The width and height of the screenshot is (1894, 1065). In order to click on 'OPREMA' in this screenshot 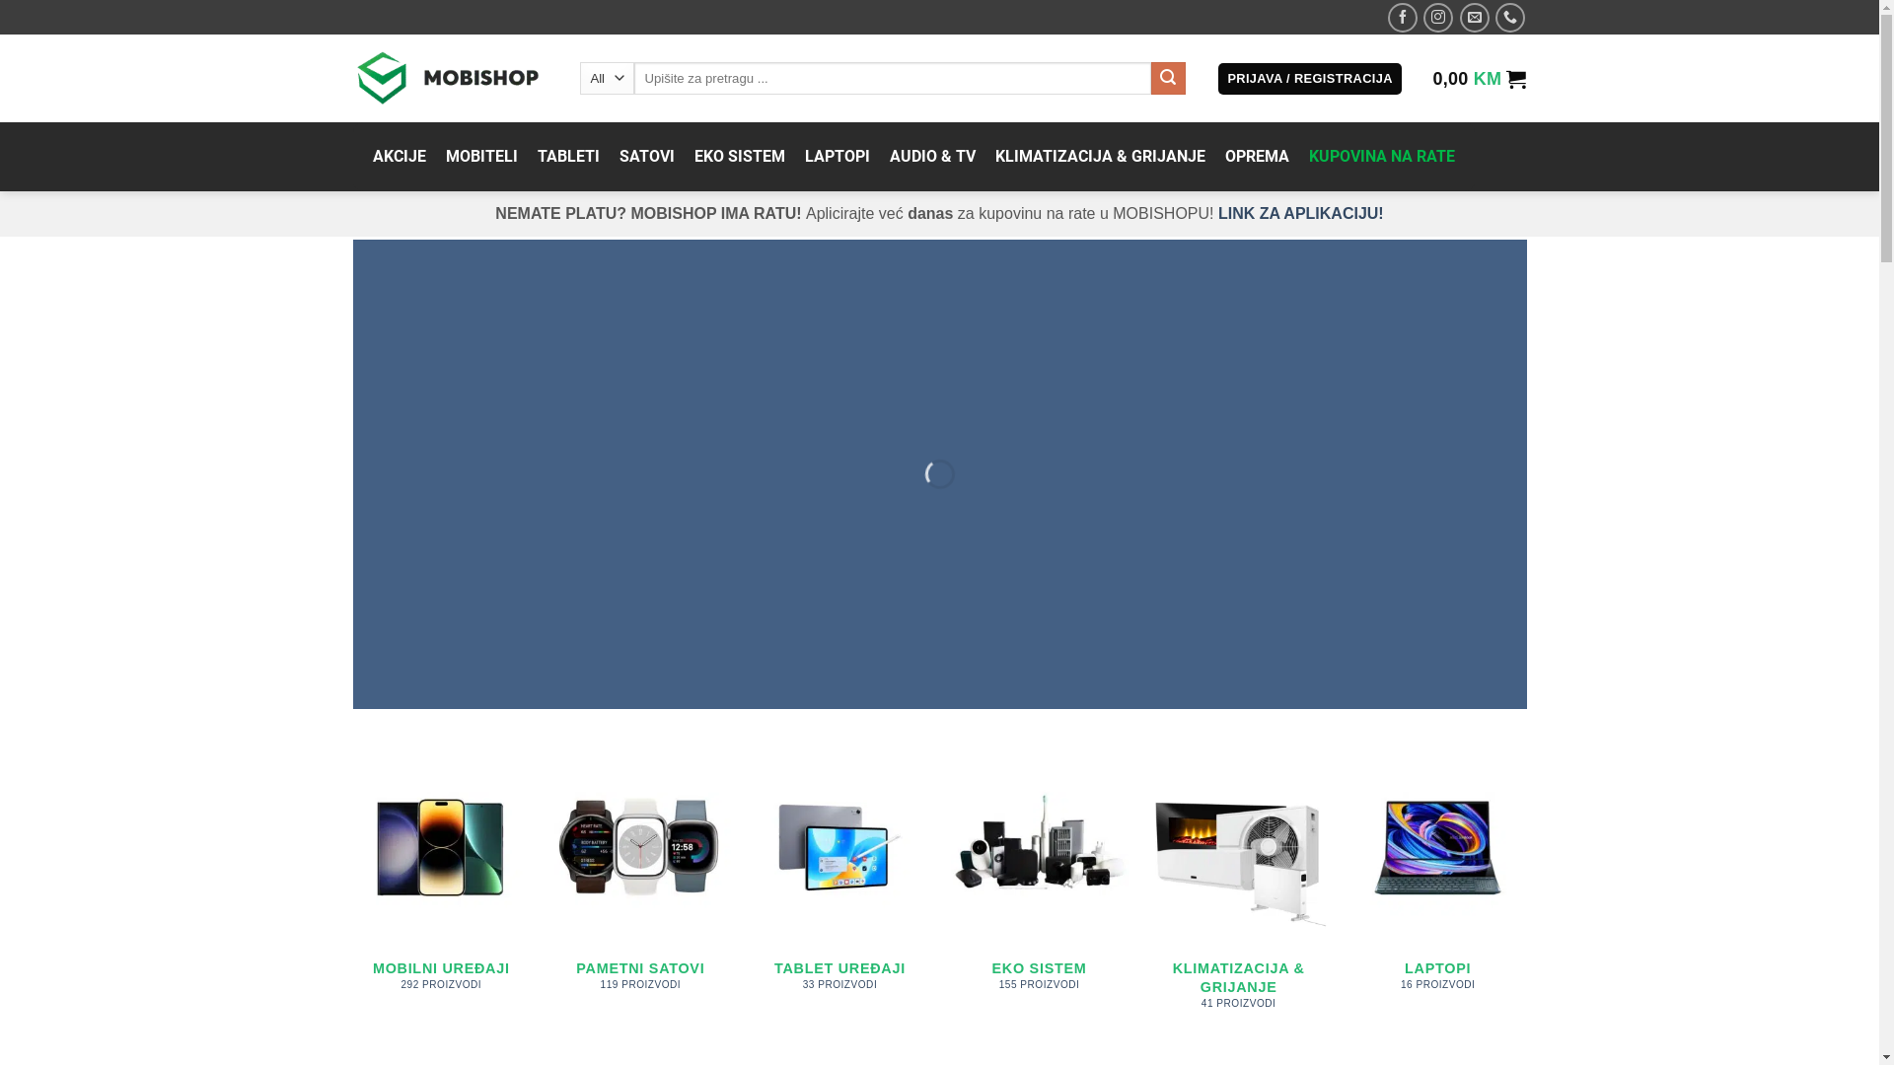, I will do `click(1256, 155)`.